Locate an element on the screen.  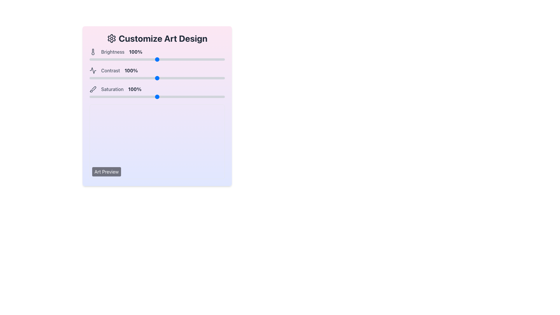
displayed percentage value '100%' from the Saturation control, which includes a text label, a bold numeric display, and a slider input field, located below the Brightness and Contrast controls is located at coordinates (157, 92).